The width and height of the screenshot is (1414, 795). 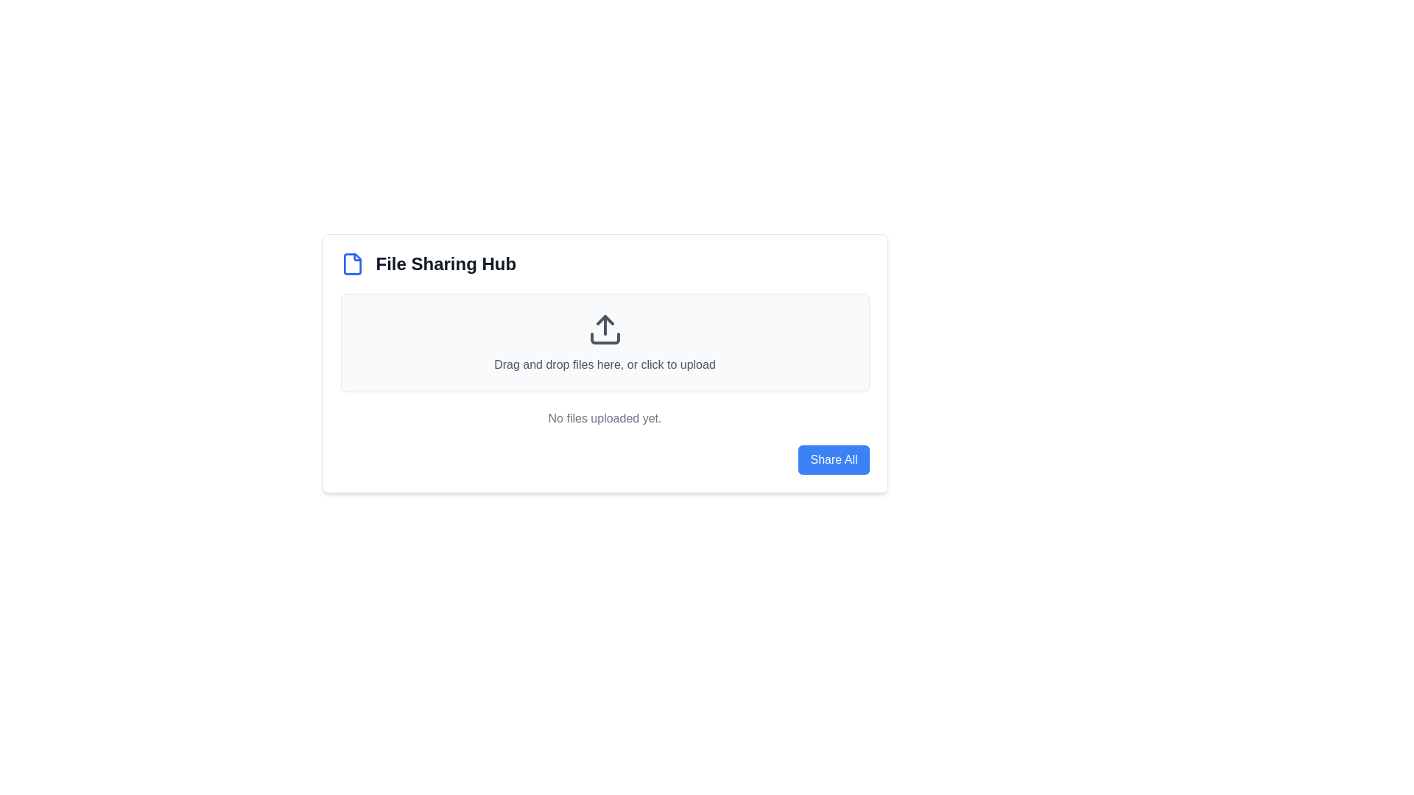 I want to click on instructional text located beneath the upload icon in the central part of the file upload area, so click(x=605, y=364).